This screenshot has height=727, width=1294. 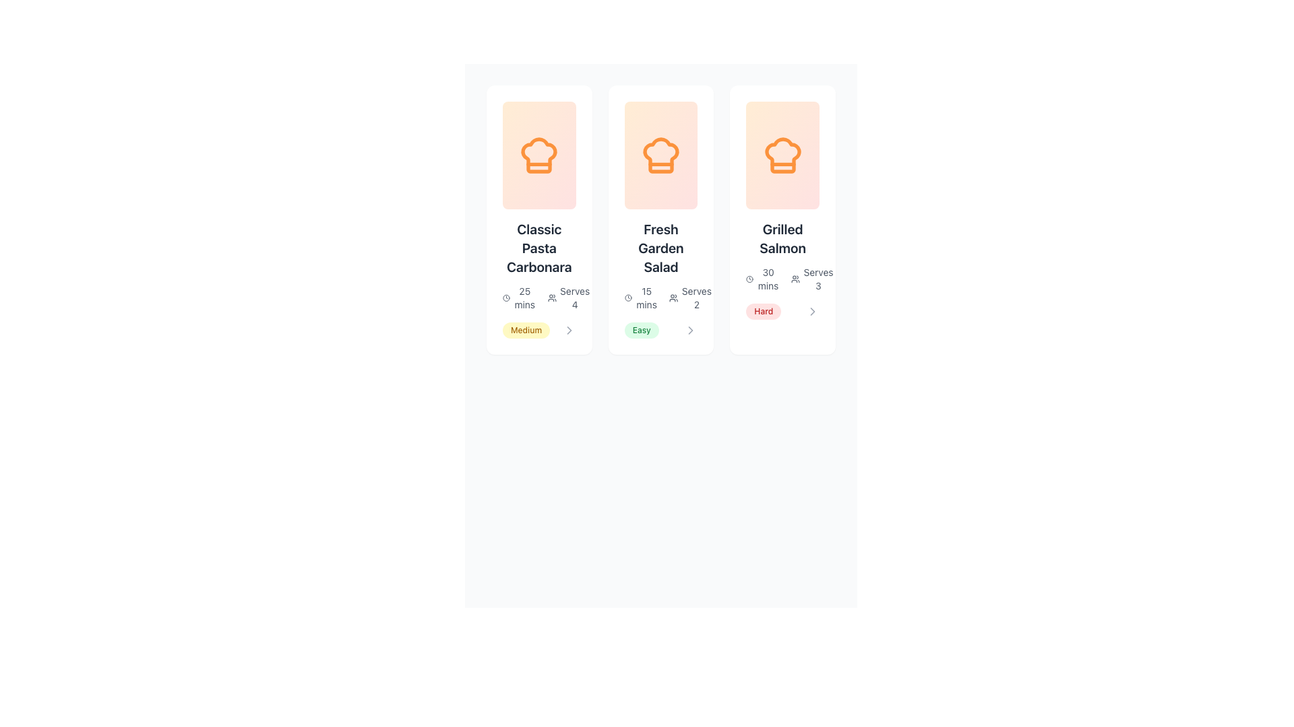 What do you see at coordinates (627, 298) in the screenshot?
I see `the clock icon located to the left of the text '15 mins' in the second card section under the title 'Fresh Garden Salad'` at bounding box center [627, 298].